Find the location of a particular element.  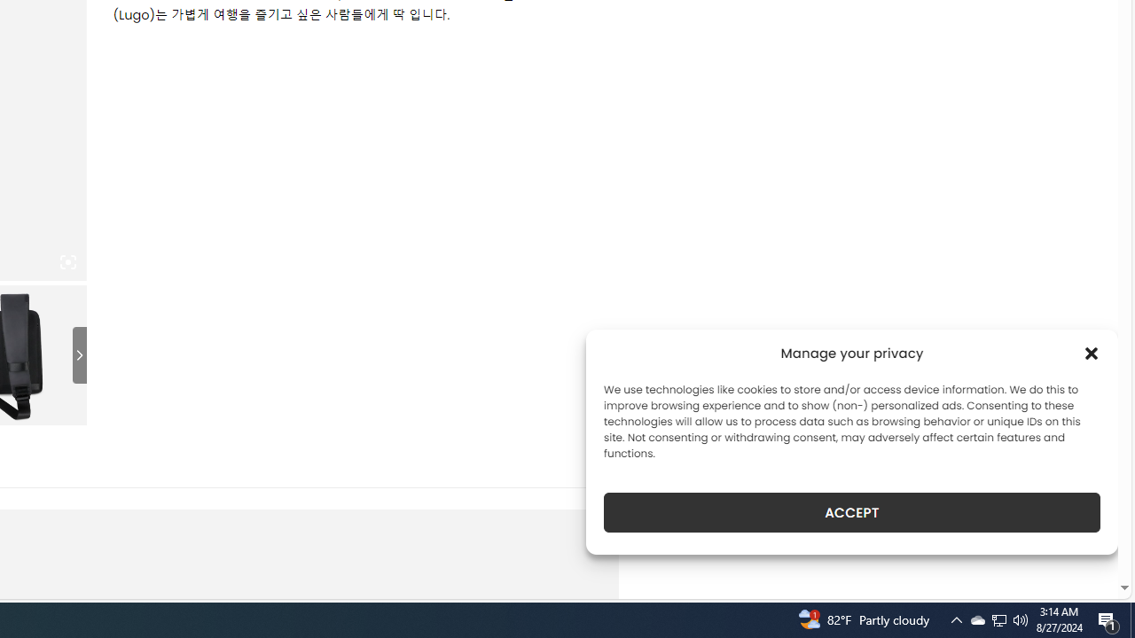

'Class: cmplz-close' is located at coordinates (1091, 353).